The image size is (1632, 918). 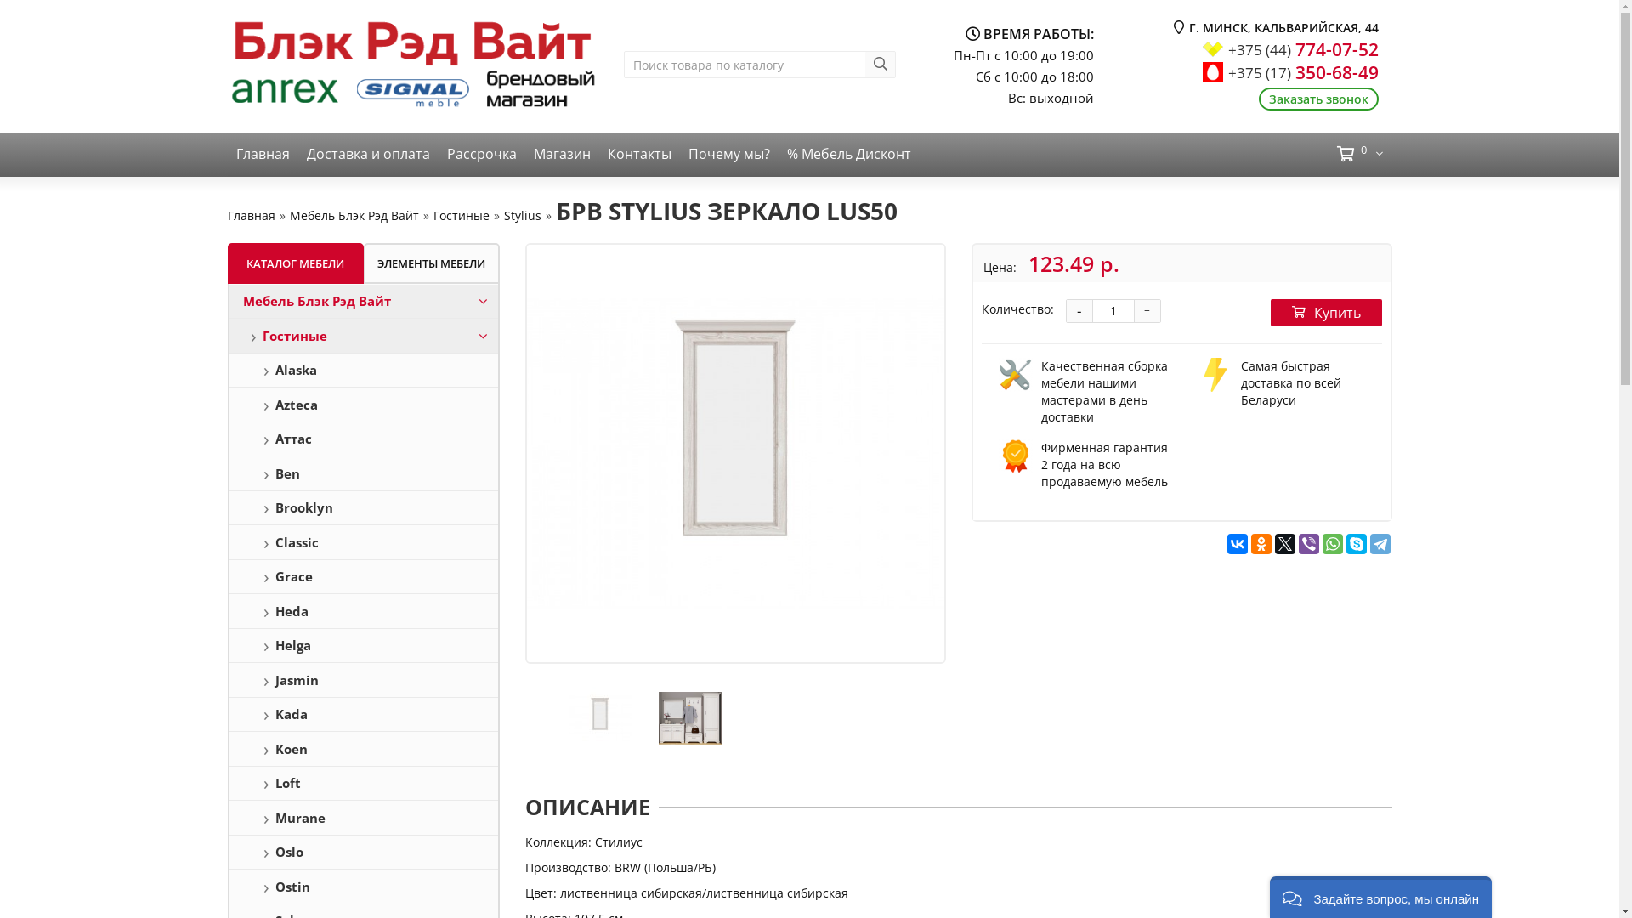 What do you see at coordinates (1146, 311) in the screenshot?
I see `'+'` at bounding box center [1146, 311].